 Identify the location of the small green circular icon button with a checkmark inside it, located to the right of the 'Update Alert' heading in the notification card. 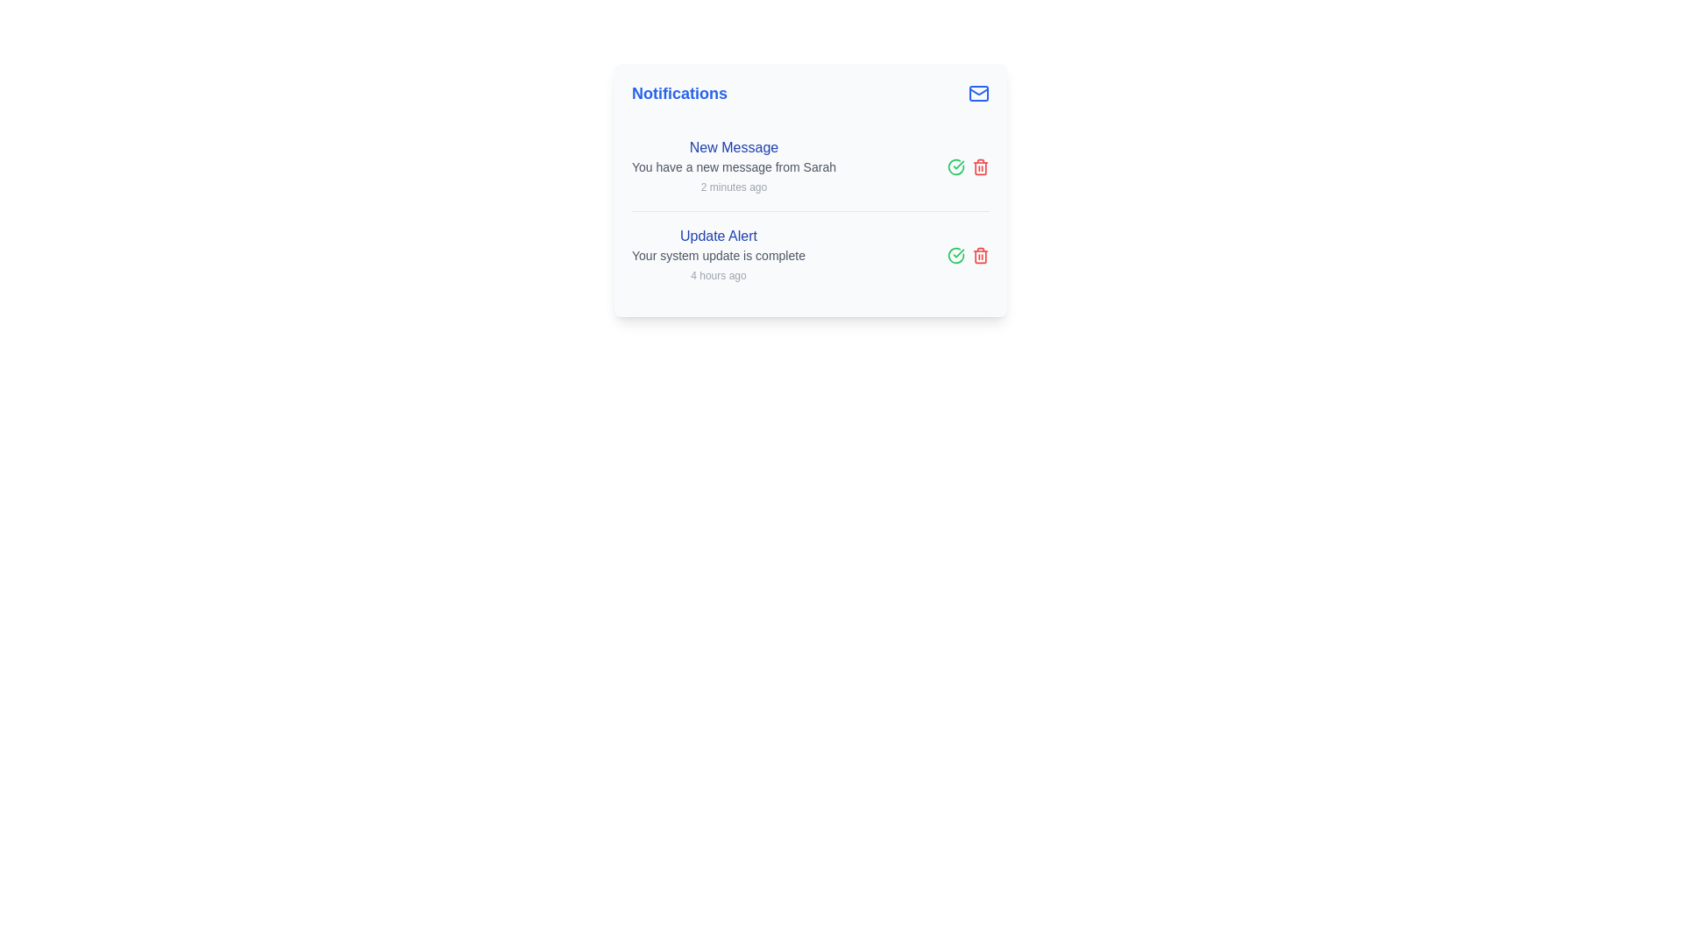
(955, 167).